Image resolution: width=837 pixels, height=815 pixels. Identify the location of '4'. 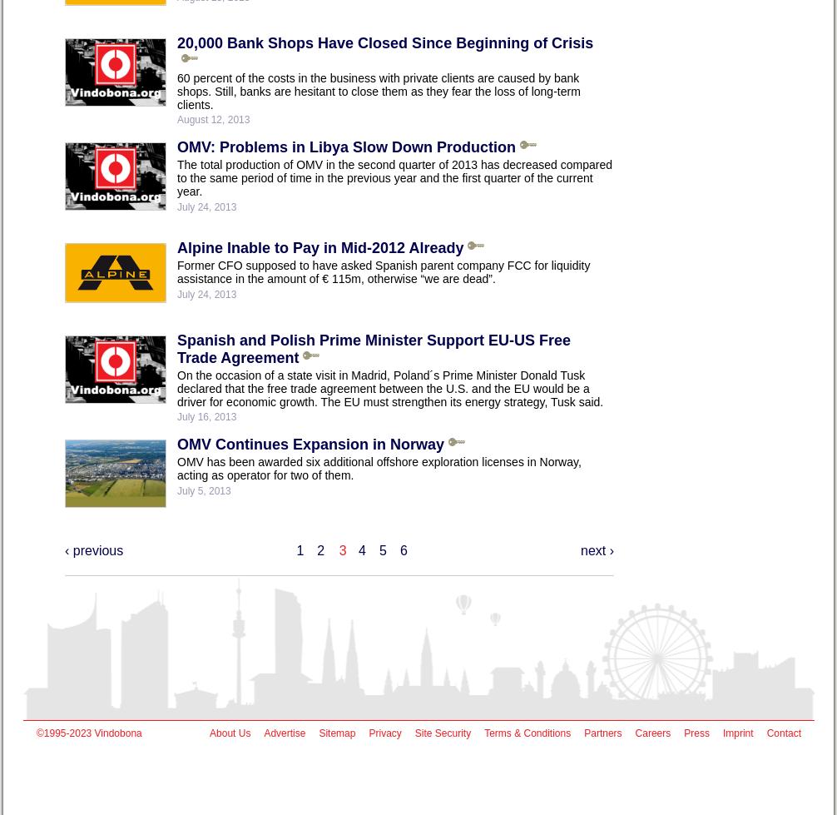
(361, 549).